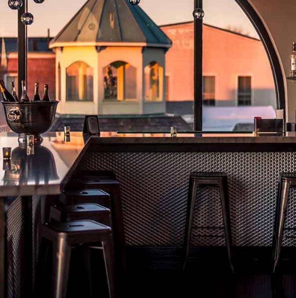 This screenshot has height=298, width=296. Describe the element at coordinates (85, 126) in the screenshot. I see `'handled through Eventbrite.'` at that location.